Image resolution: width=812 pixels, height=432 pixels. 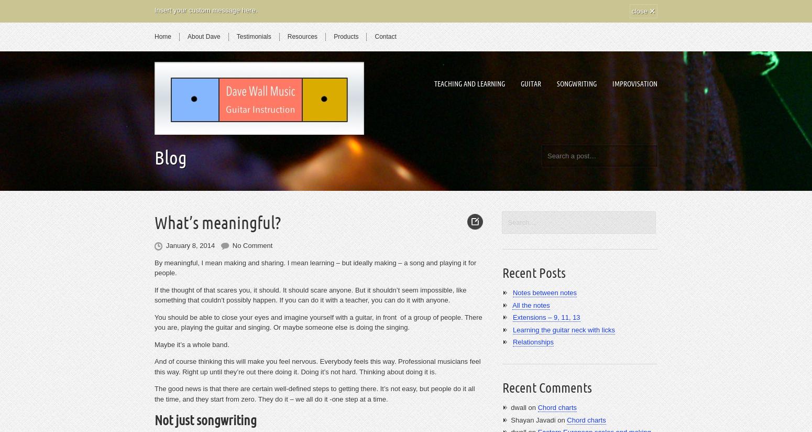 What do you see at coordinates (547, 387) in the screenshot?
I see `'Recent Comments'` at bounding box center [547, 387].